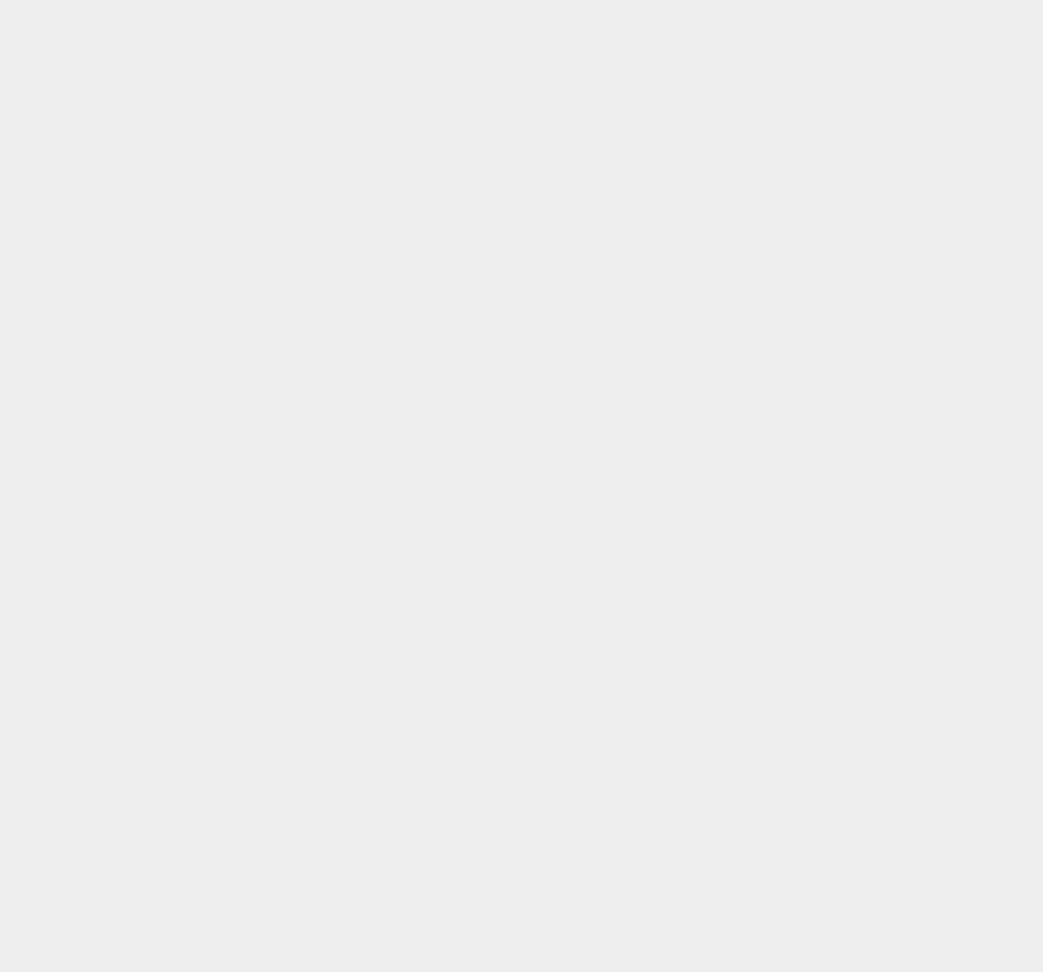 The width and height of the screenshot is (1043, 972). I want to click on 'Google Penguins', so click(785, 641).